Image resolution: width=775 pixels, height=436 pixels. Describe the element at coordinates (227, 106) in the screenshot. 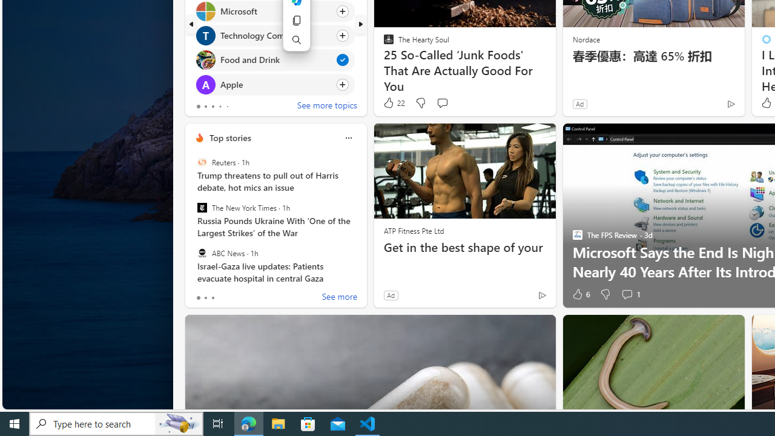

I see `'tab-4'` at that location.